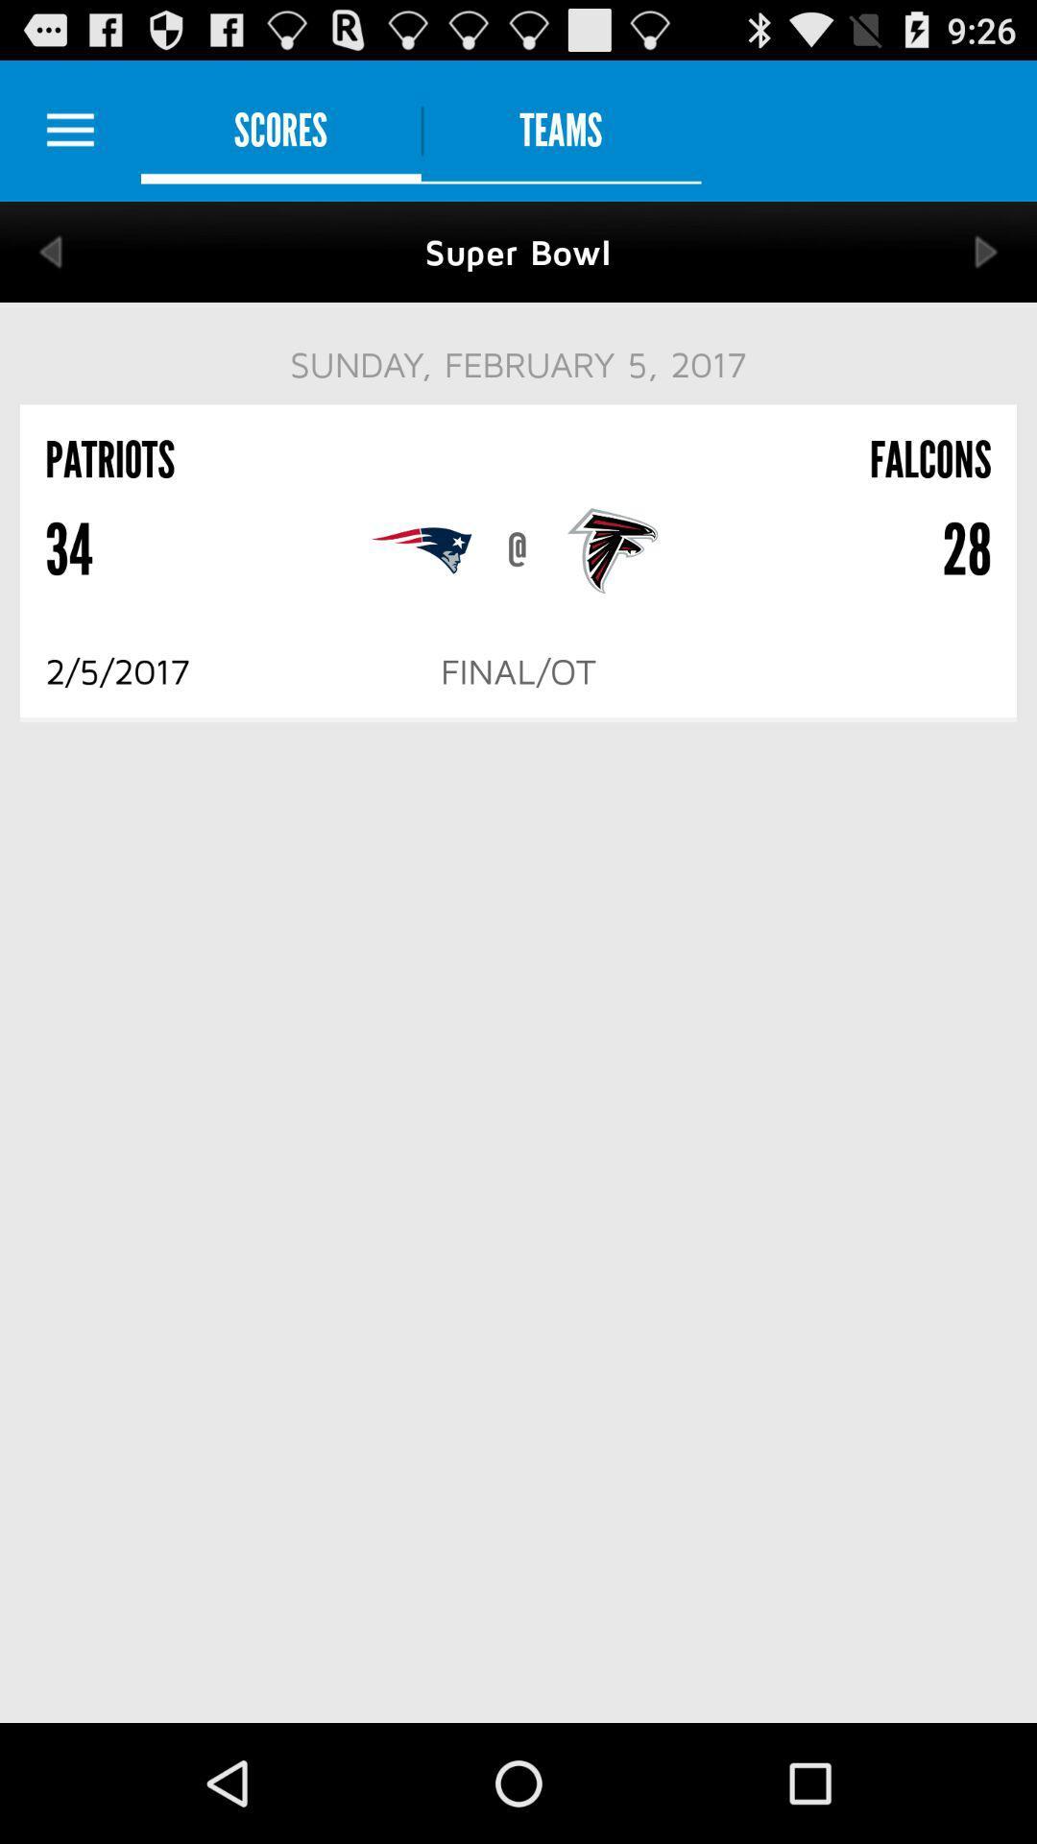 The width and height of the screenshot is (1037, 1844). What do you see at coordinates (986, 251) in the screenshot?
I see `next game` at bounding box center [986, 251].